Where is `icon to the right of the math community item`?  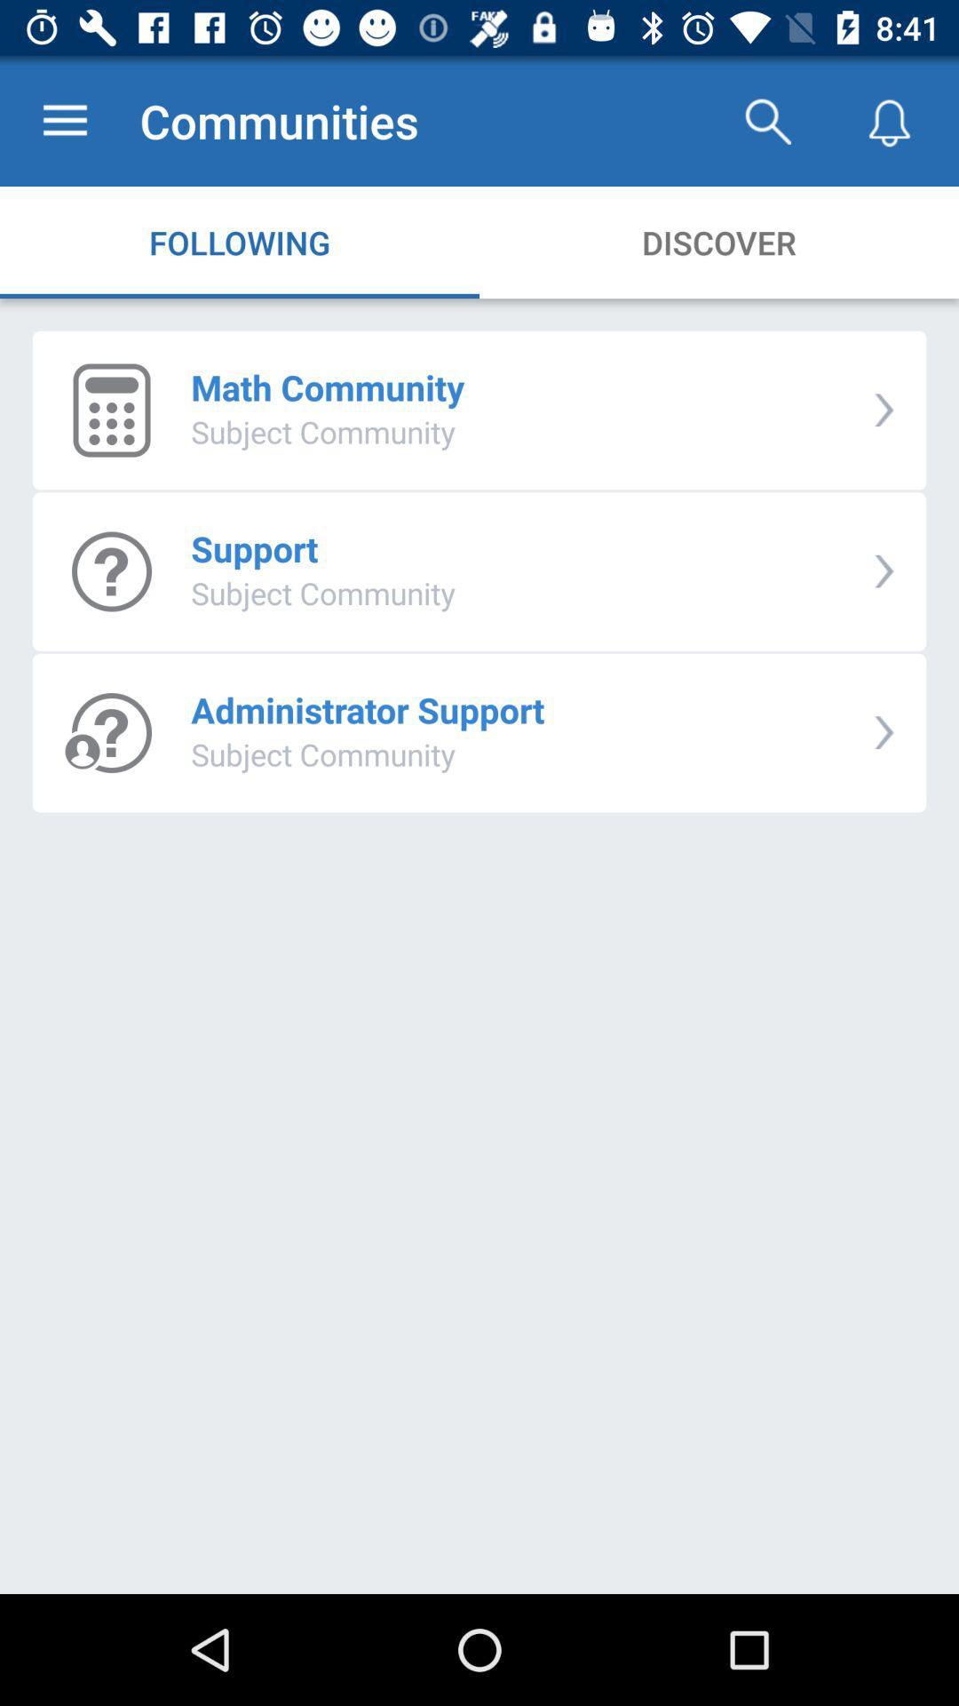
icon to the right of the math community item is located at coordinates (884, 409).